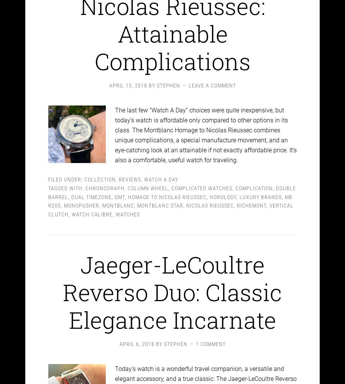 Image resolution: width=345 pixels, height=384 pixels. Describe the element at coordinates (223, 190) in the screenshot. I see `'Horology'` at that location.